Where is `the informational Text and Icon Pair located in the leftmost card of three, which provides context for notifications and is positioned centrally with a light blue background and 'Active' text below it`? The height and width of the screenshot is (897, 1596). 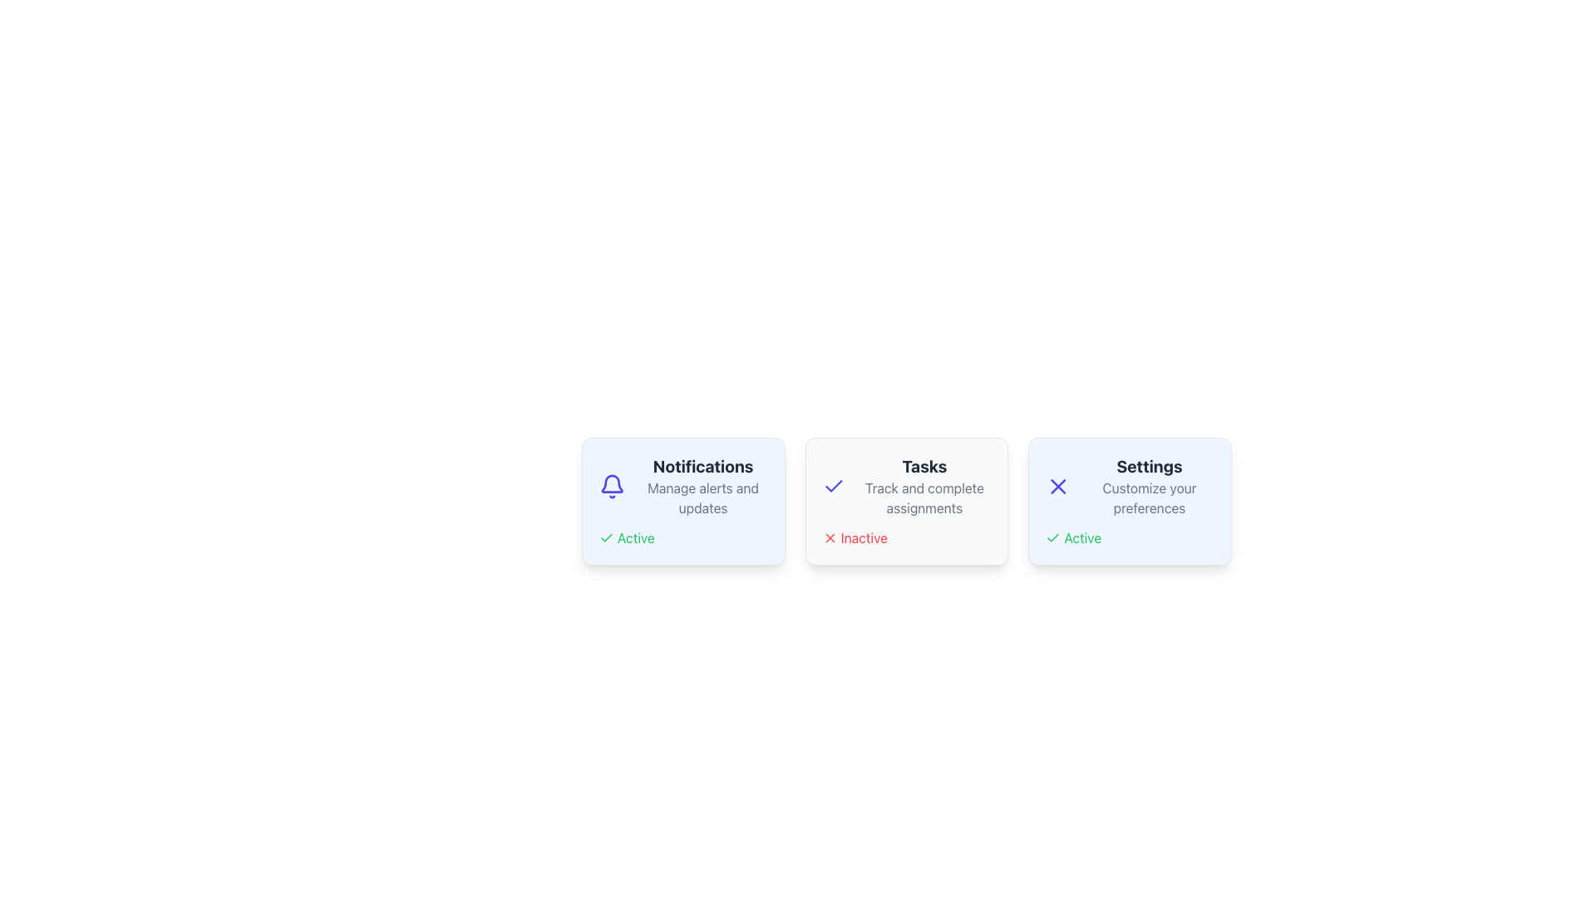
the informational Text and Icon Pair located in the leftmost card of three, which provides context for notifications and is positioned centrally with a light blue background and 'Active' text below it is located at coordinates (683, 486).